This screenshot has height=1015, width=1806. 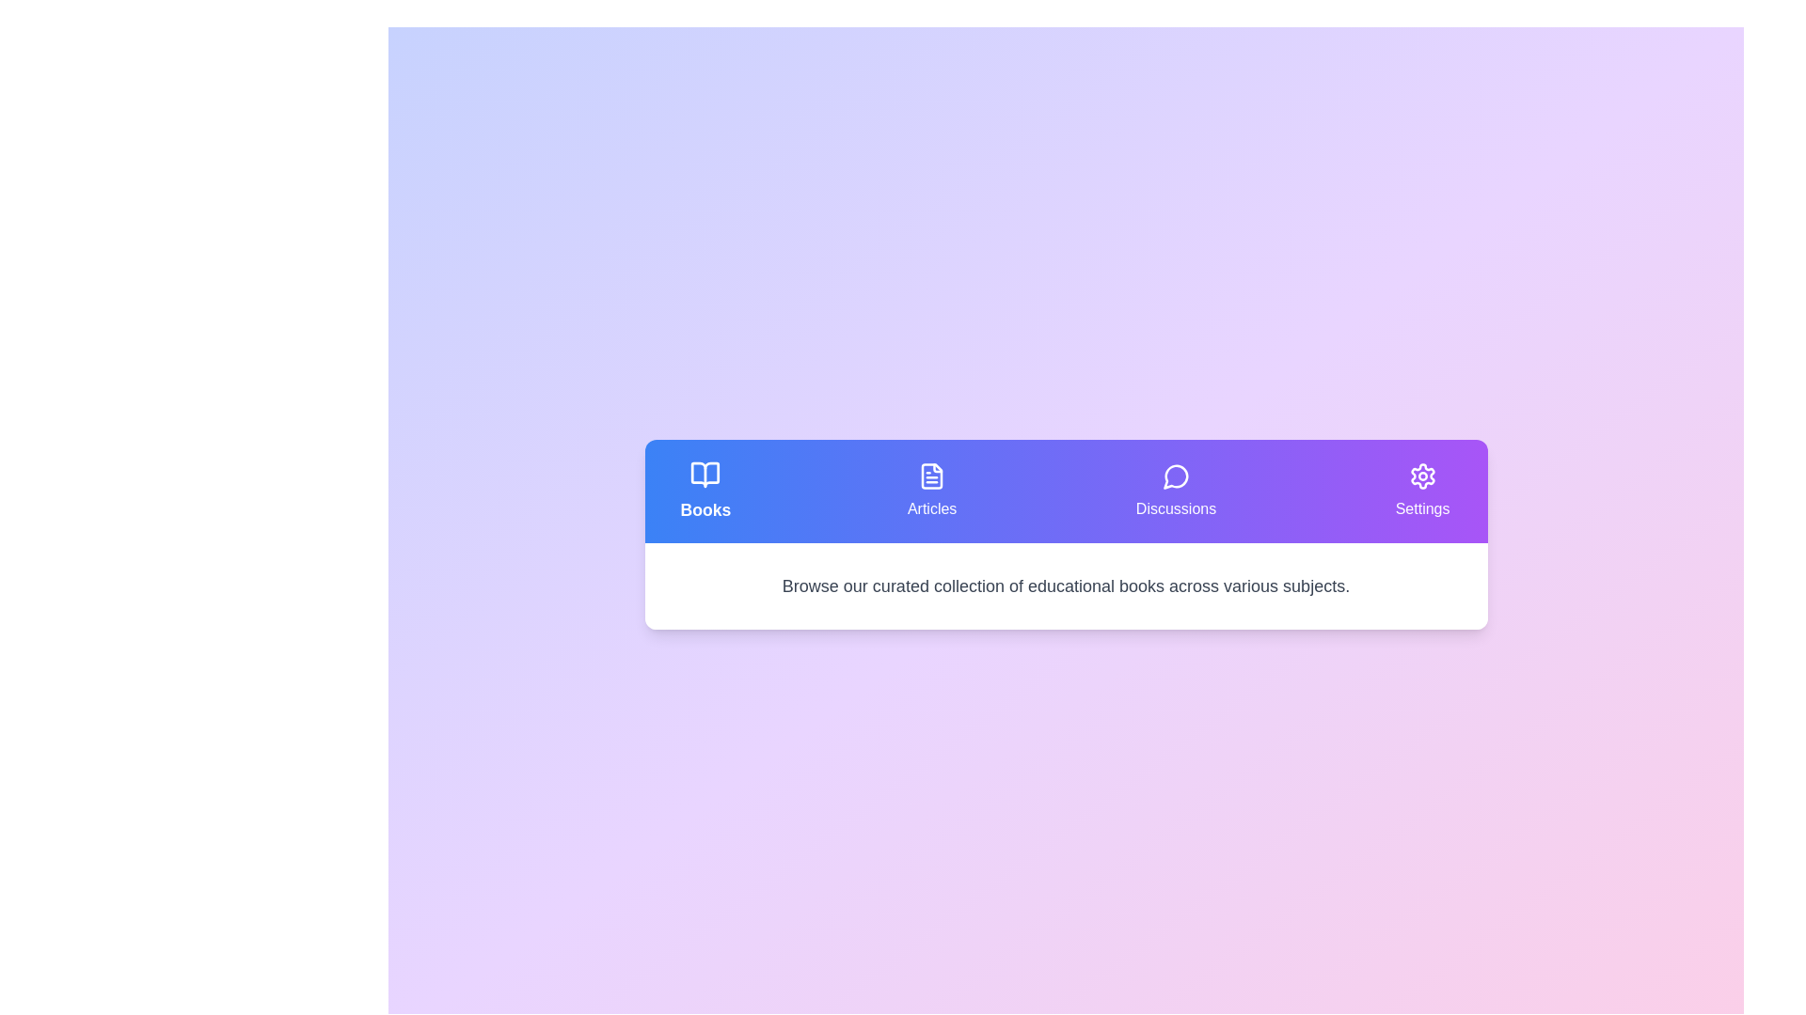 I want to click on the Settings tab, so click(x=1422, y=491).